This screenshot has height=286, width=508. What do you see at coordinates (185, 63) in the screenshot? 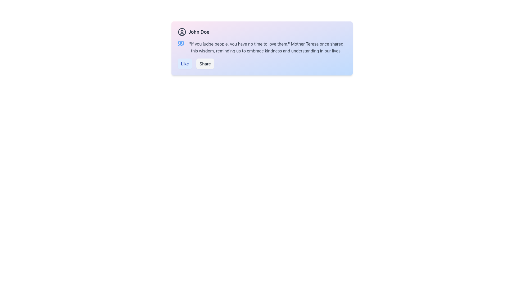
I see `the 'Like' button, which is the first button in a horizontal group located below a user profile card, to change its background color` at bounding box center [185, 63].